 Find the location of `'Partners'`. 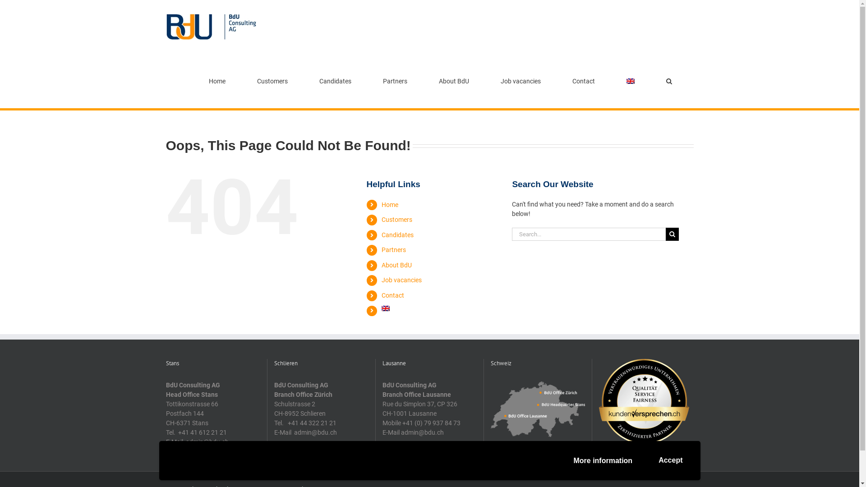

'Partners' is located at coordinates (395, 81).